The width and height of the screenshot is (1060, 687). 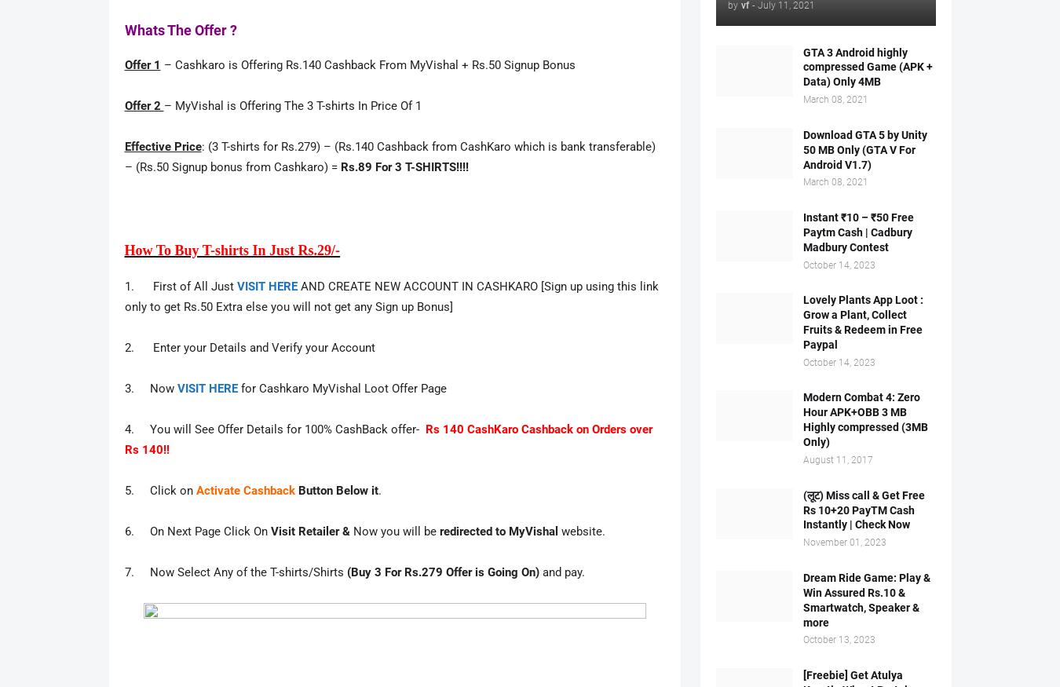 I want to click on 'for Cashkaro MyVishal Loot Offer Page', so click(x=236, y=388).